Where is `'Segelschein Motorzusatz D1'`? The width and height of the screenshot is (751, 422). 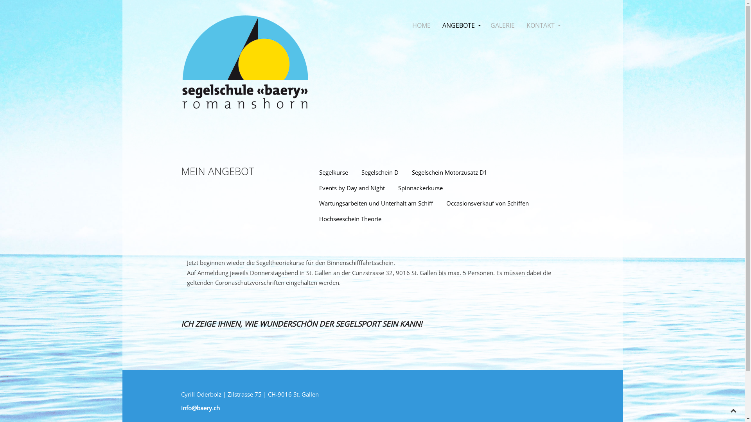
'Segelschein Motorzusatz D1' is located at coordinates (449, 172).